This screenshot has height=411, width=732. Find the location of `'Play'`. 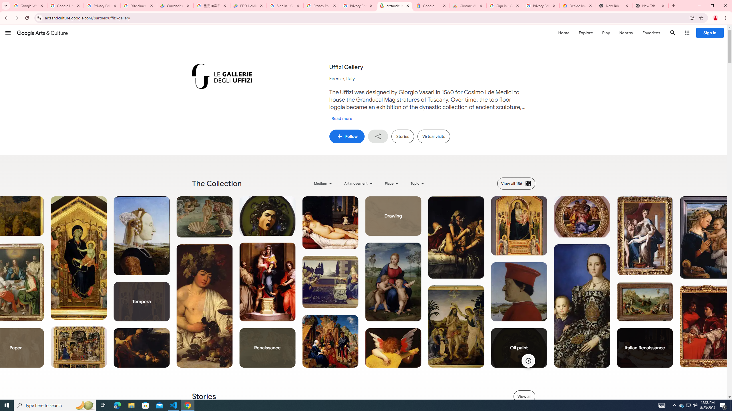

'Play' is located at coordinates (606, 33).